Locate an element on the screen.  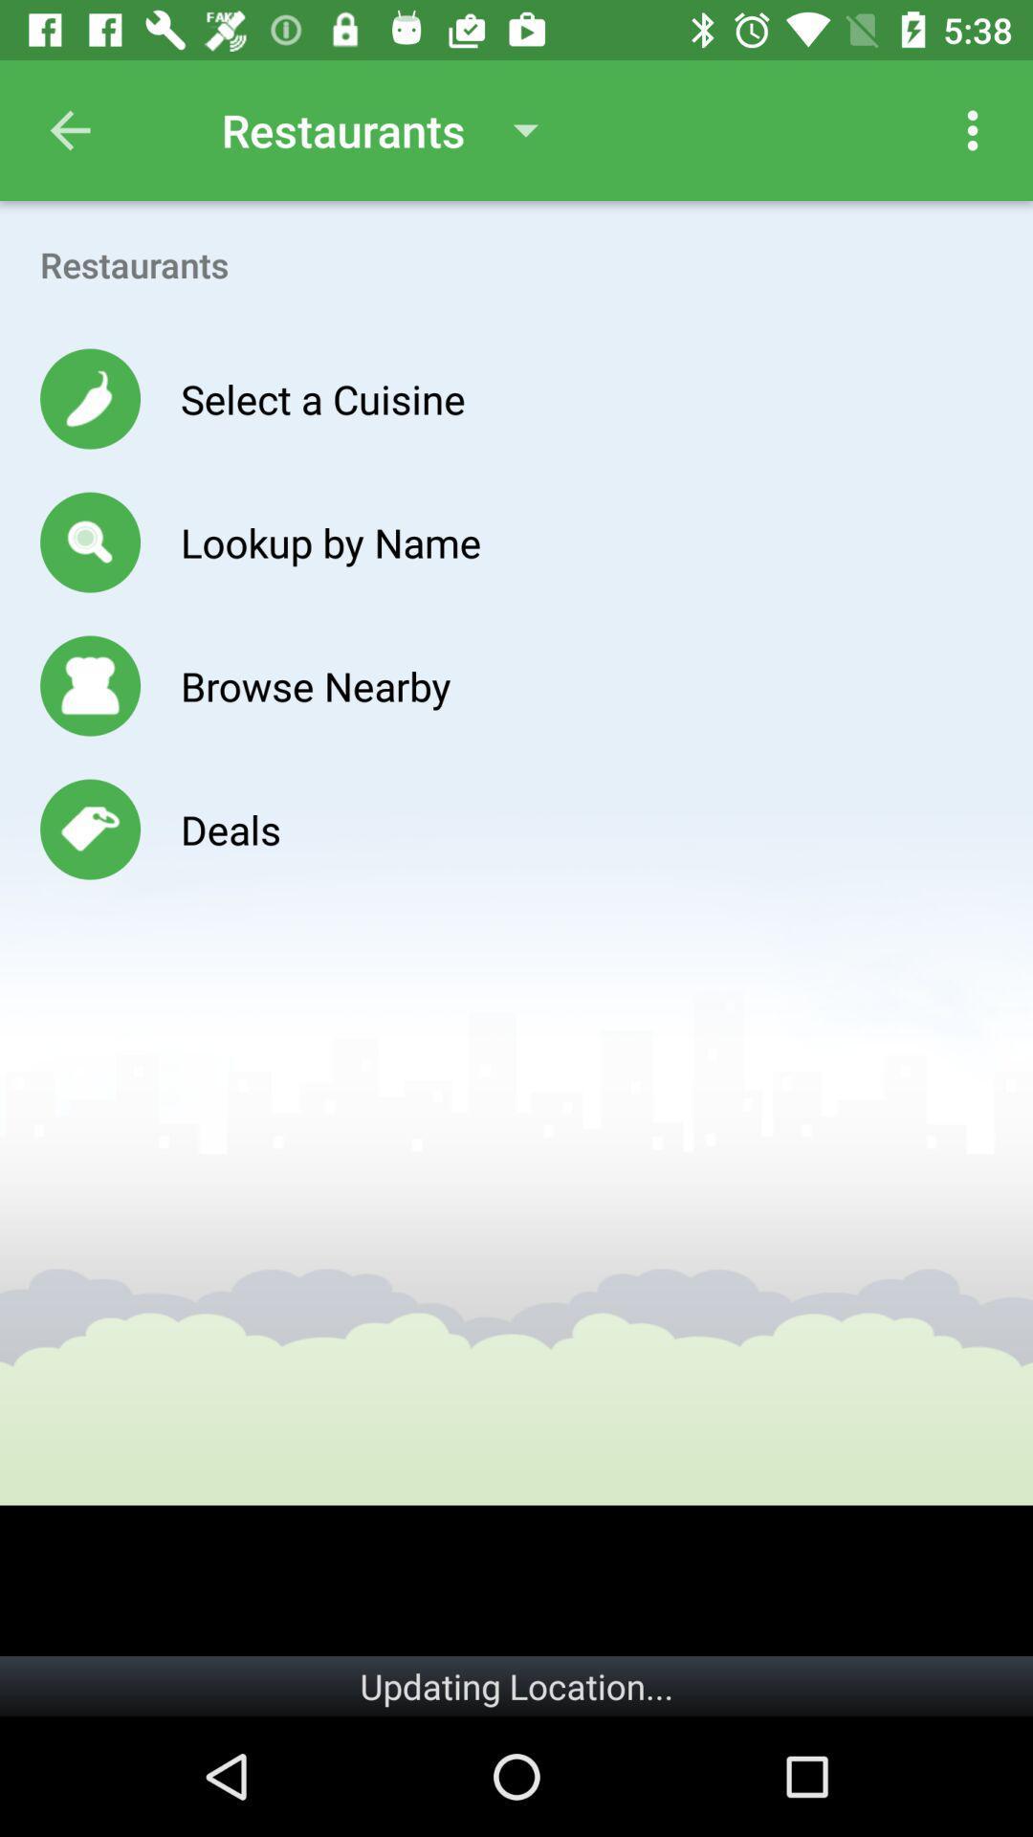
item next to the restaurants is located at coordinates (973, 129).